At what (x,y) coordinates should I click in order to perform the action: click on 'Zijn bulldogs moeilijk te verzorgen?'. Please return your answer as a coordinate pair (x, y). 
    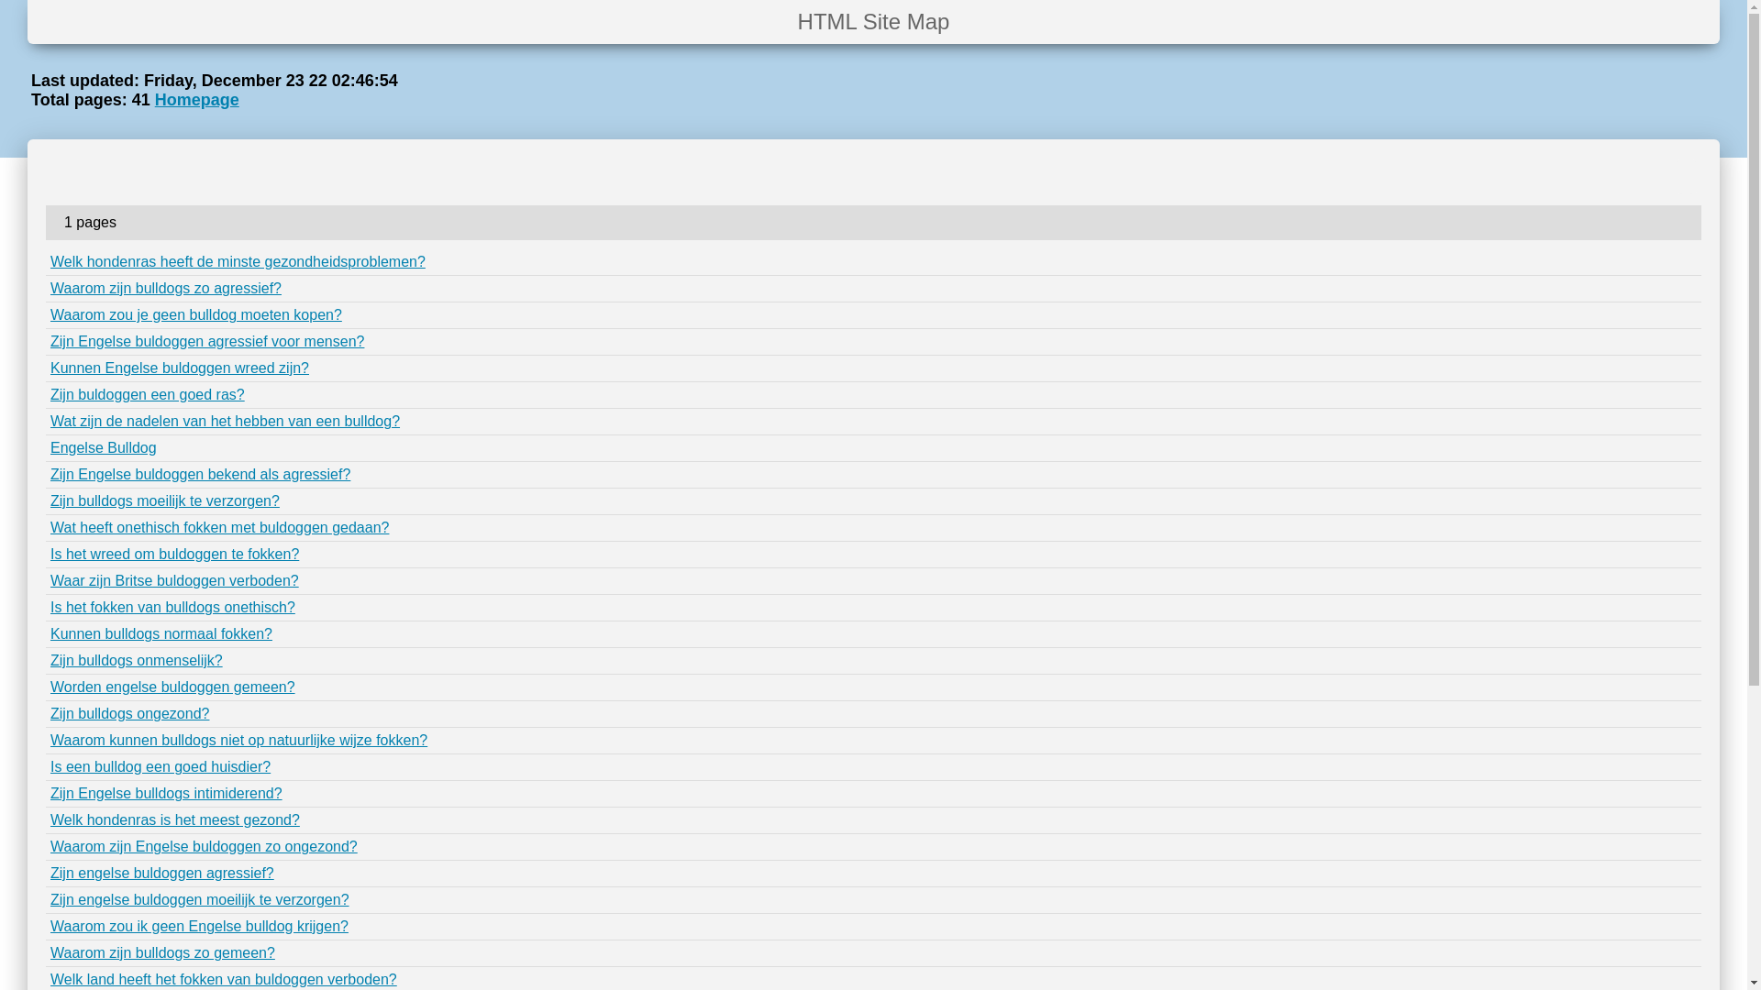
    Looking at the image, I should click on (165, 500).